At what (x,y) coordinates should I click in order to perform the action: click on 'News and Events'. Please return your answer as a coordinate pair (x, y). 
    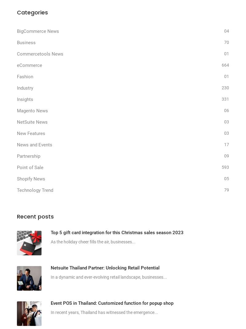
    Looking at the image, I should click on (34, 145).